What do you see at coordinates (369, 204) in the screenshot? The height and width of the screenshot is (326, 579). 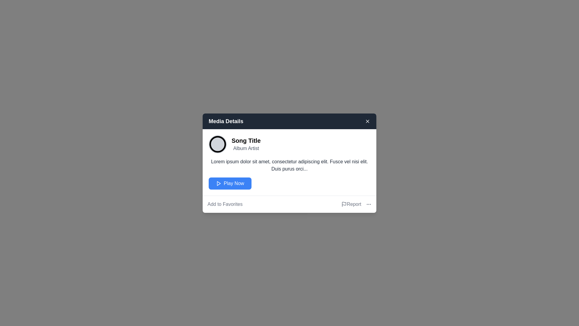 I see `the context menu button located at the bottom-right corner of the modal dialog box, adjacent to the 'Report' button` at bounding box center [369, 204].